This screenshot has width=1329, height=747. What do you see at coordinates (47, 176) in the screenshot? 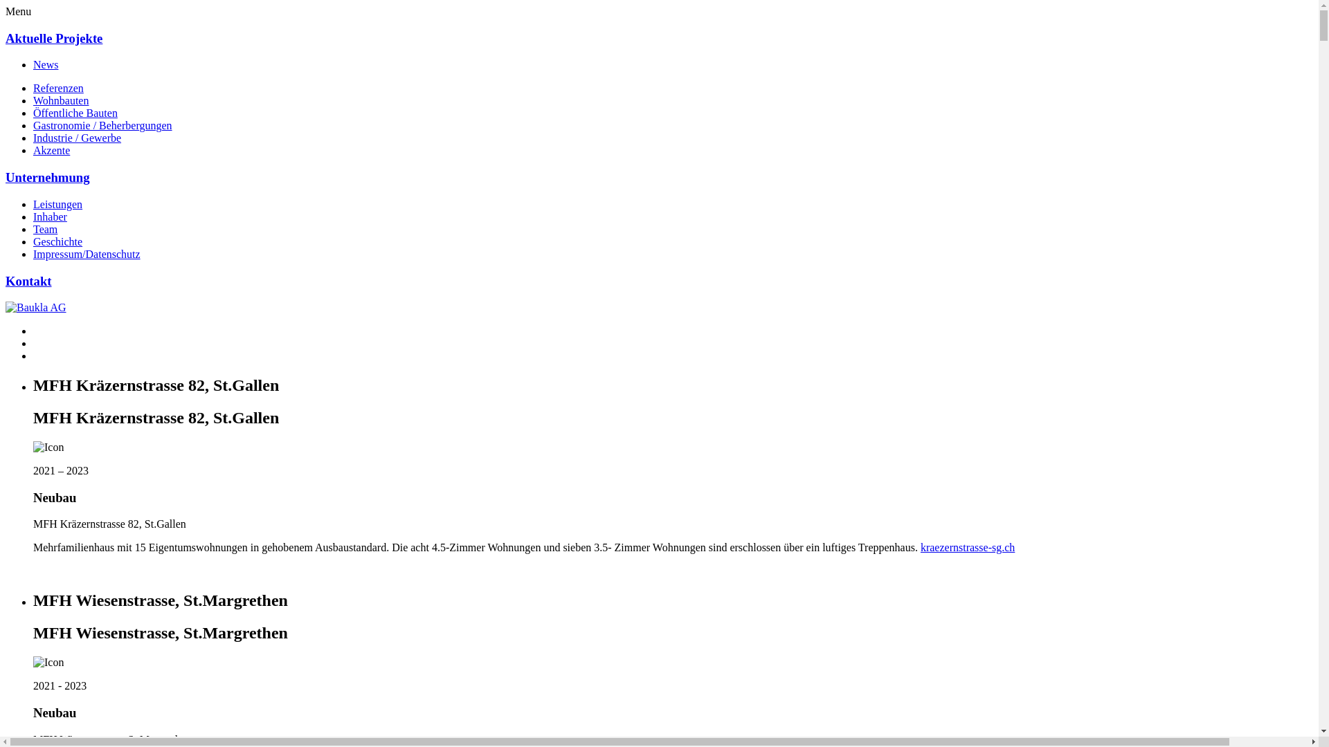
I see `'Unternehmung'` at bounding box center [47, 176].